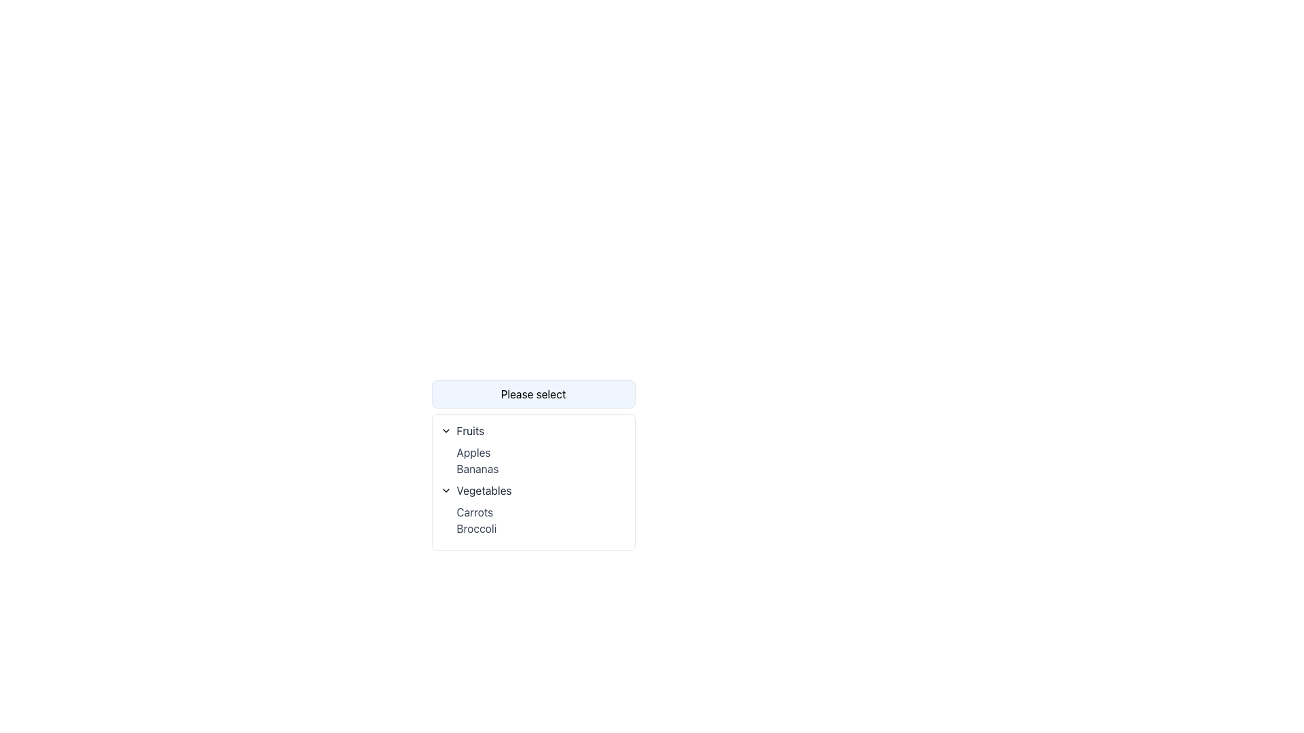 The image size is (1304, 733). What do you see at coordinates (473, 453) in the screenshot?
I see `the text label displaying 'Apples', which is styled with gray color and is the first item in the 'Fruits' dropdown menu` at bounding box center [473, 453].